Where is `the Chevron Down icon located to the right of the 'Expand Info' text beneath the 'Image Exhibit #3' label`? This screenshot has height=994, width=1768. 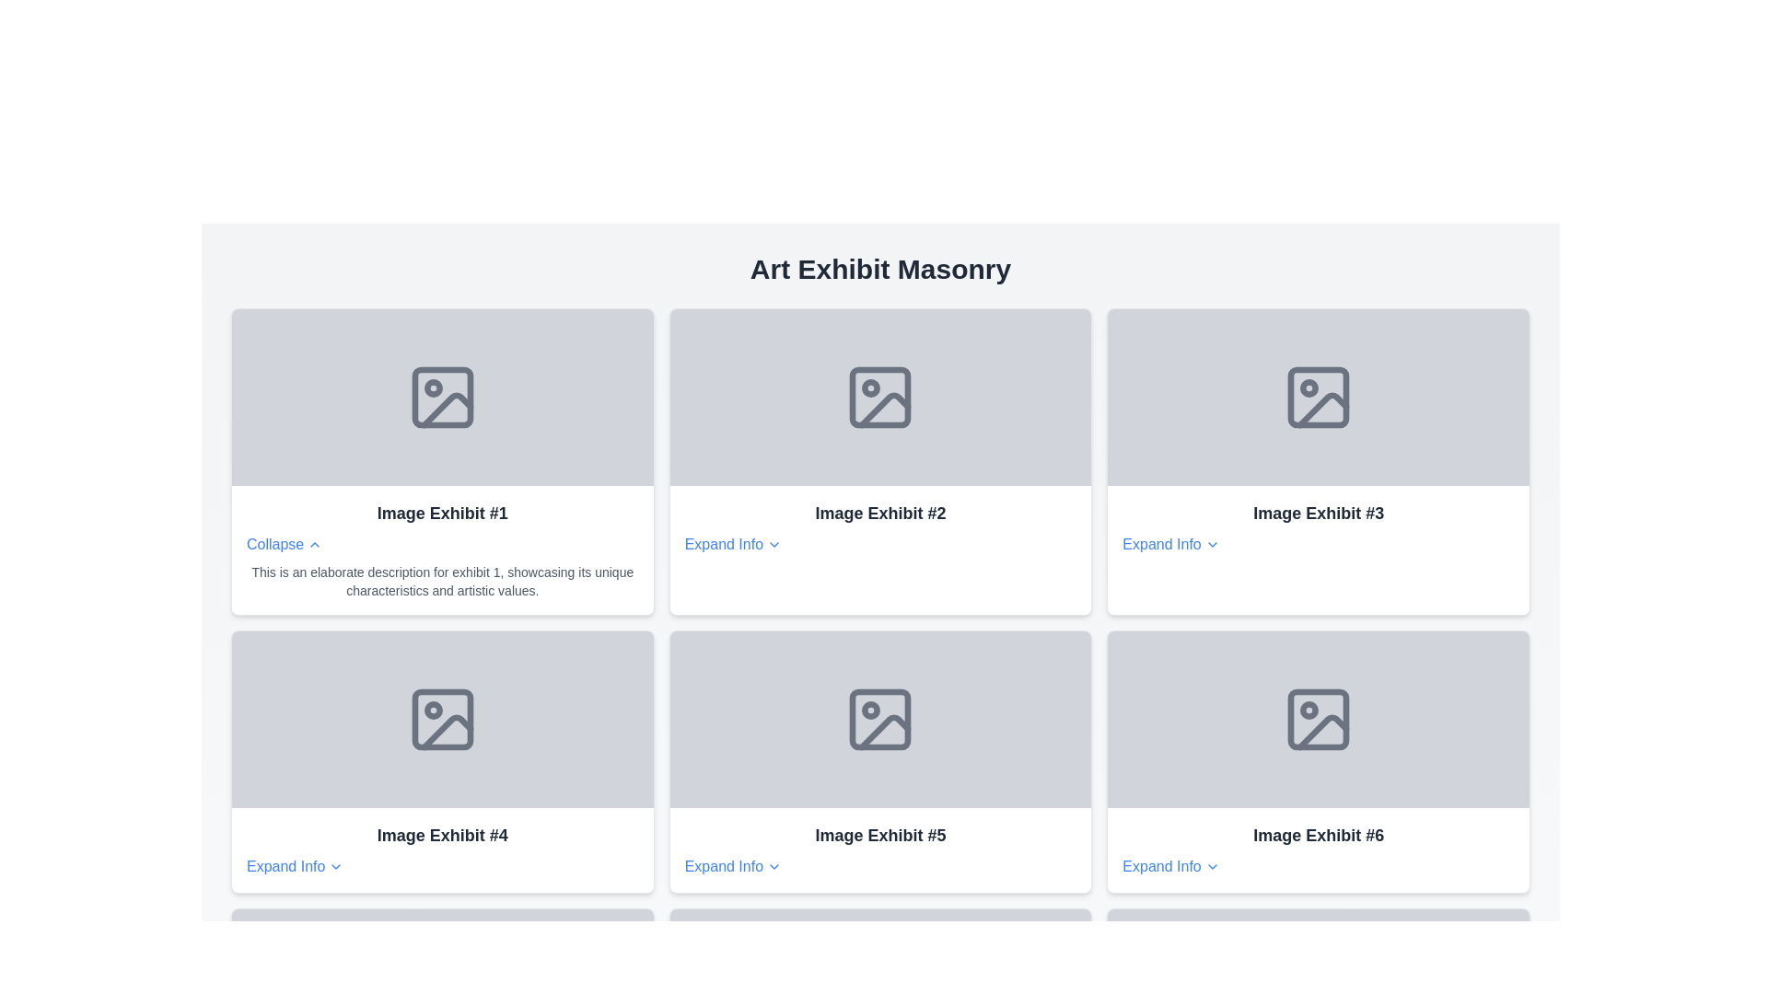 the Chevron Down icon located to the right of the 'Expand Info' text beneath the 'Image Exhibit #3' label is located at coordinates (1212, 543).